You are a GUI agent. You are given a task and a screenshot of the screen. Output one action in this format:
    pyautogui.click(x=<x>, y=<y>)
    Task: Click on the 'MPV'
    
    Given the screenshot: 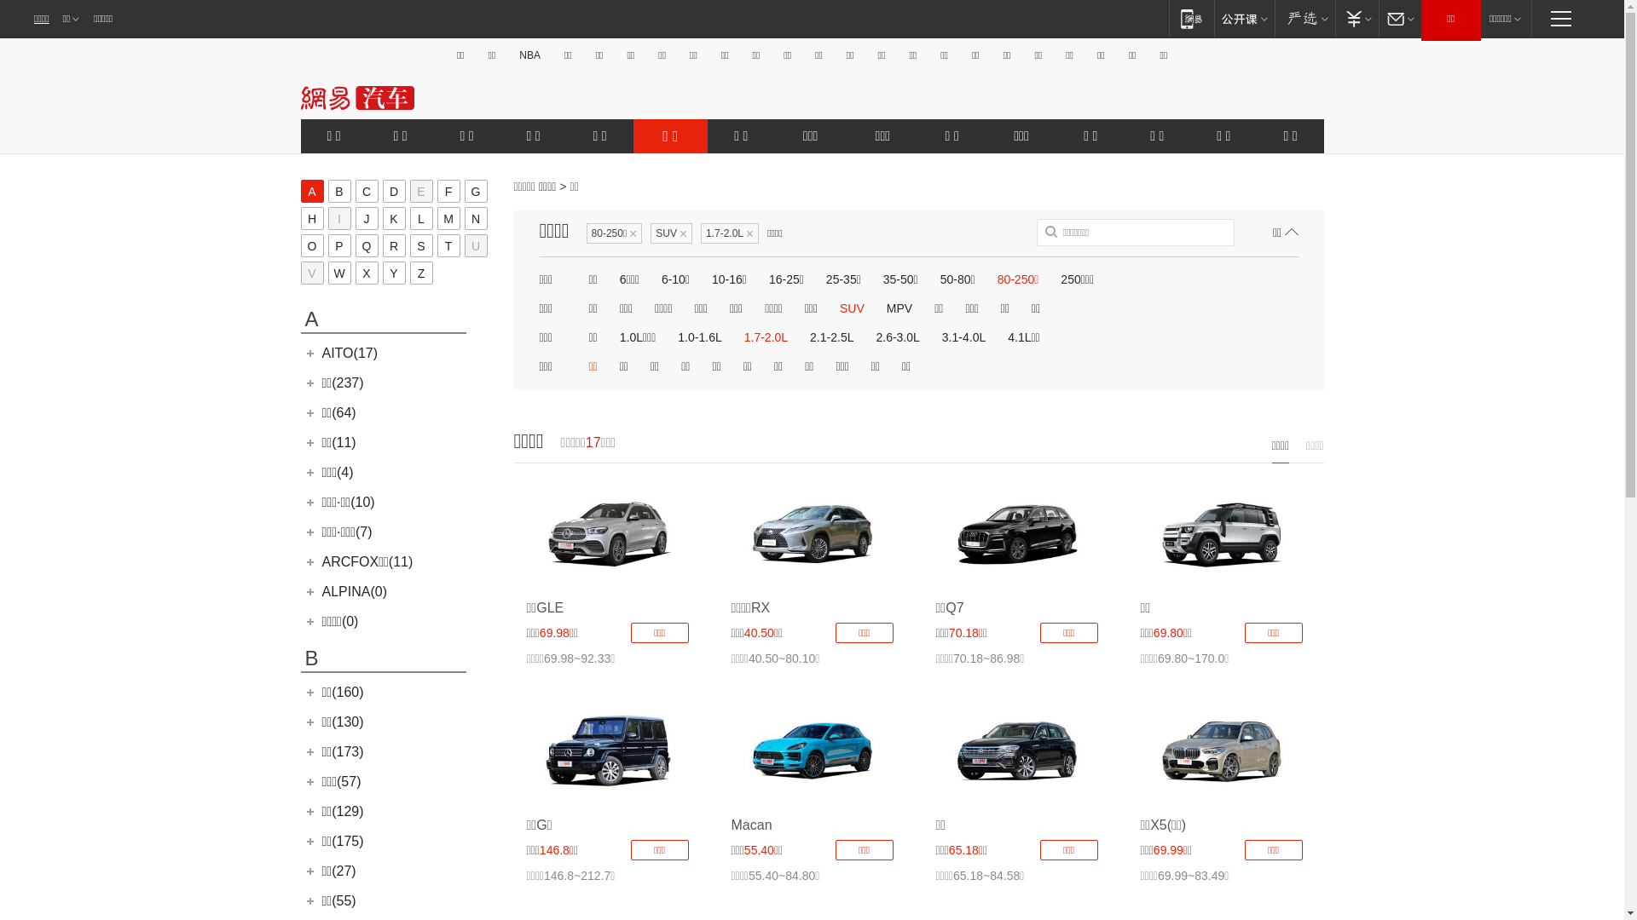 What is the action you would take?
    pyautogui.click(x=883, y=308)
    